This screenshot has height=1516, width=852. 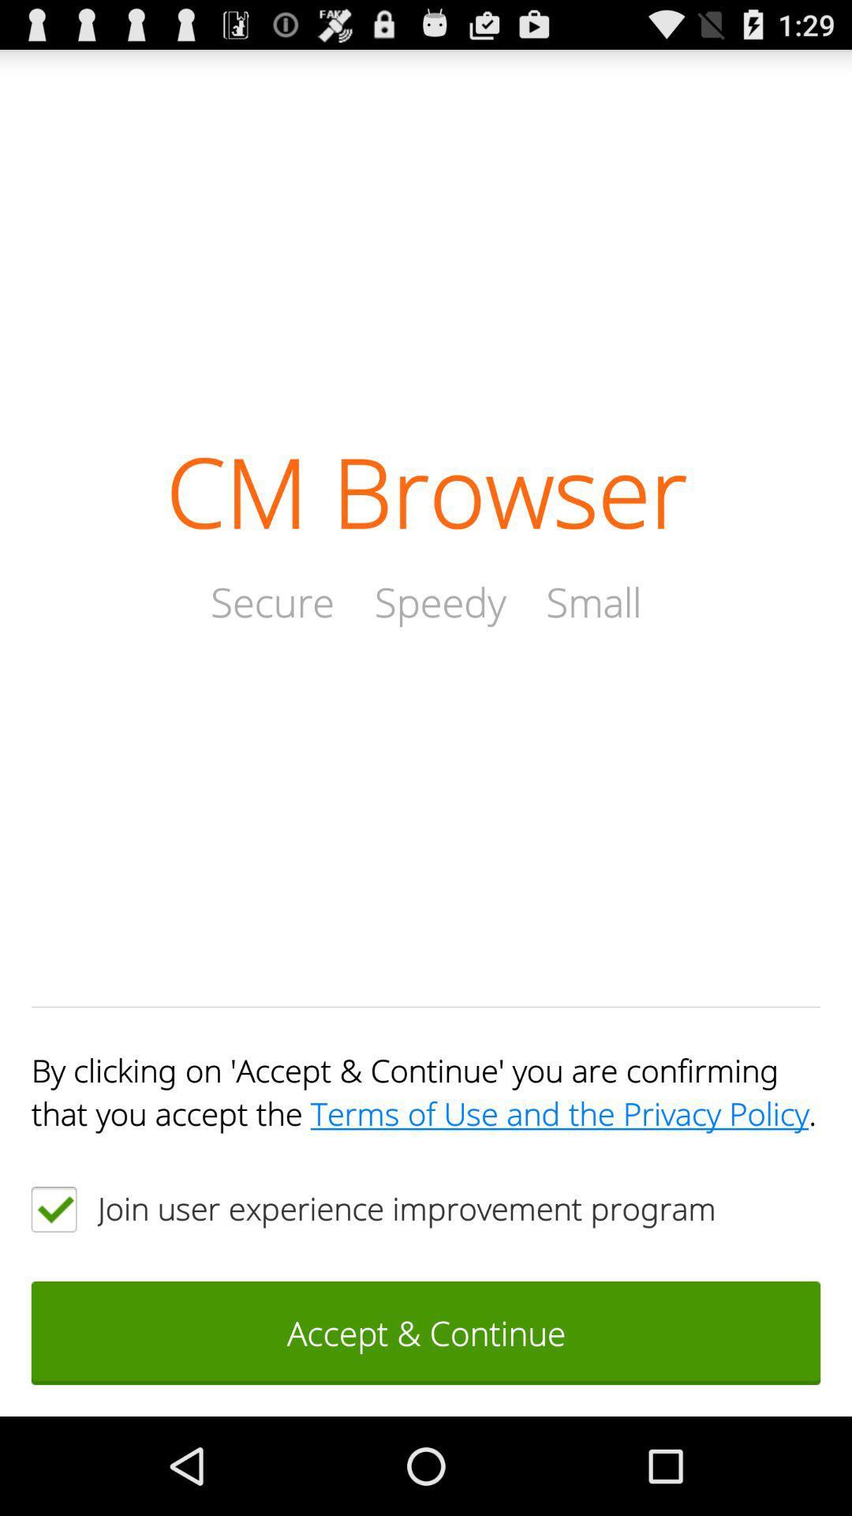 I want to click on the item to the left of the join user experience icon, so click(x=53, y=1208).